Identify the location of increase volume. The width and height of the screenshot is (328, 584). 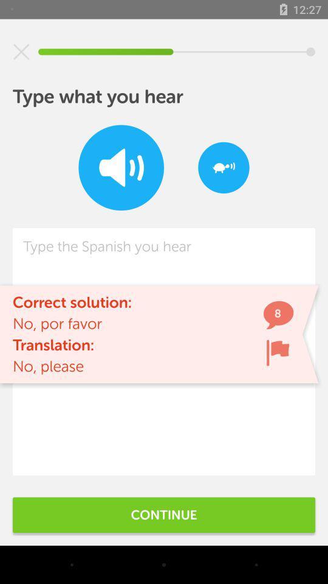
(121, 167).